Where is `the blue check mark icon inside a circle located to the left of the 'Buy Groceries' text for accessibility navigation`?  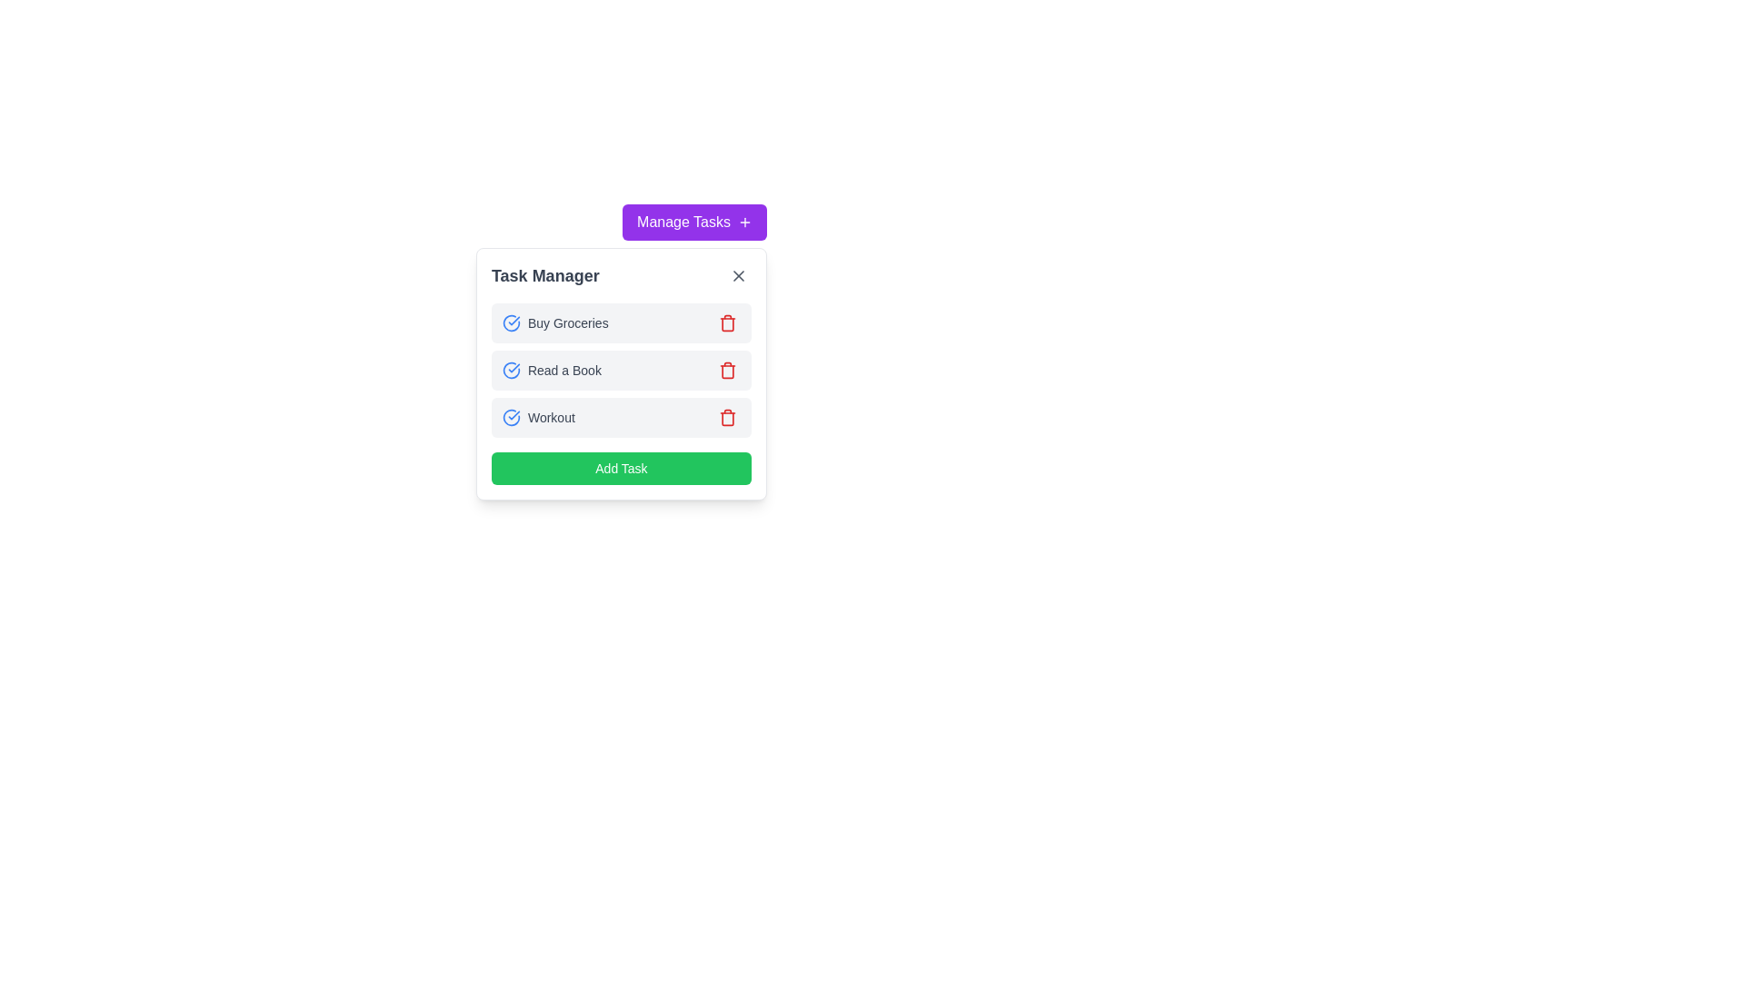 the blue check mark icon inside a circle located to the left of the 'Buy Groceries' text for accessibility navigation is located at coordinates (510, 322).